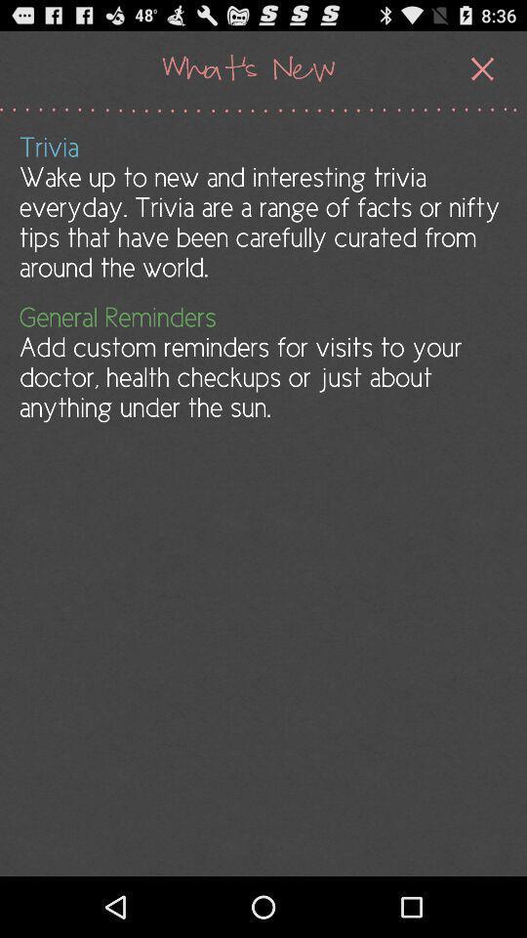 The height and width of the screenshot is (938, 527). I want to click on icon above general reminders add, so click(262, 207).